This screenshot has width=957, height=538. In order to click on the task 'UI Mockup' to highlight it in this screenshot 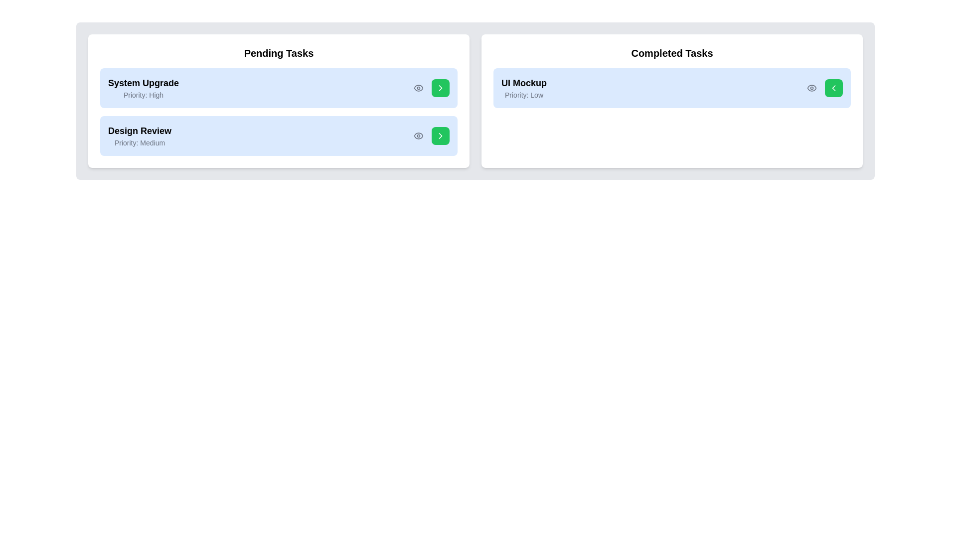, I will do `click(672, 88)`.